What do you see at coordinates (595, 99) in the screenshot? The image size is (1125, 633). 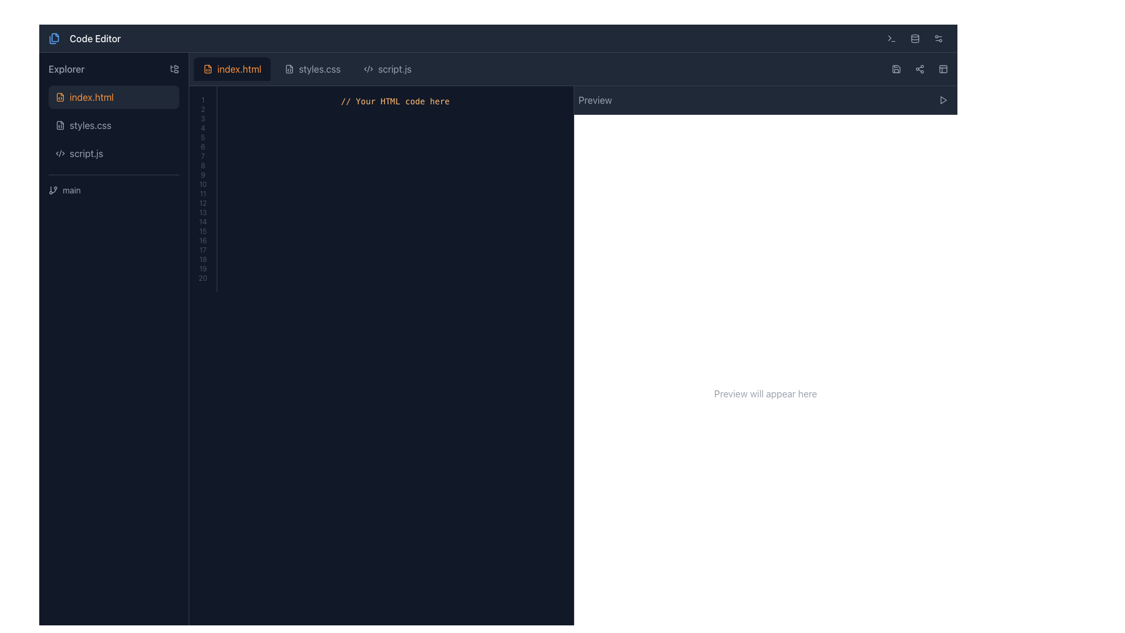 I see `the content of the text label that indicates contextual information about the preview feature, located at the top-right area of the interface` at bounding box center [595, 99].